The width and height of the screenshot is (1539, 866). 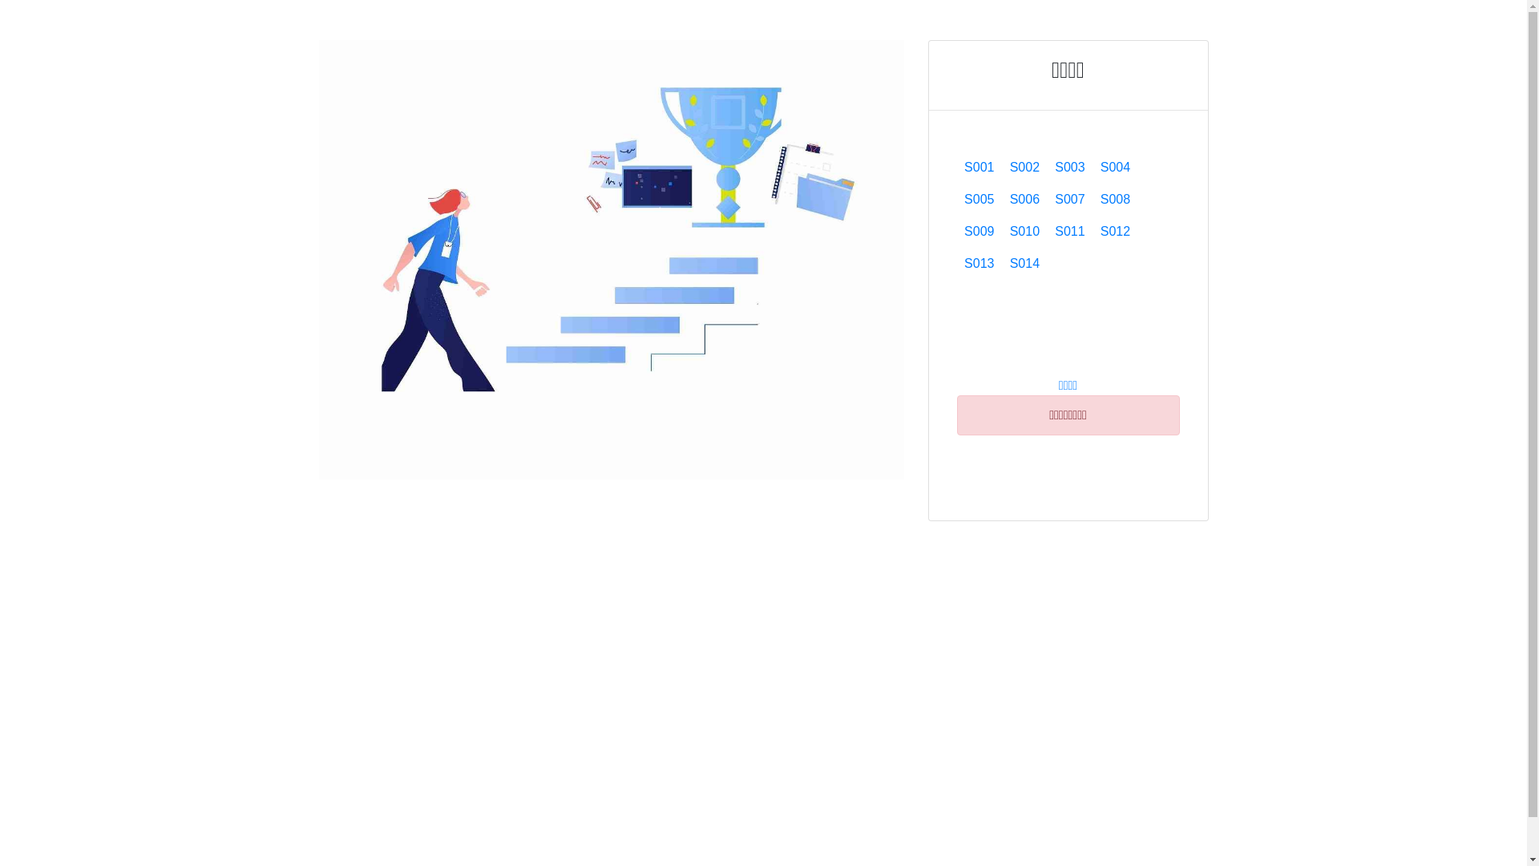 I want to click on 'S002', so click(x=1024, y=167).